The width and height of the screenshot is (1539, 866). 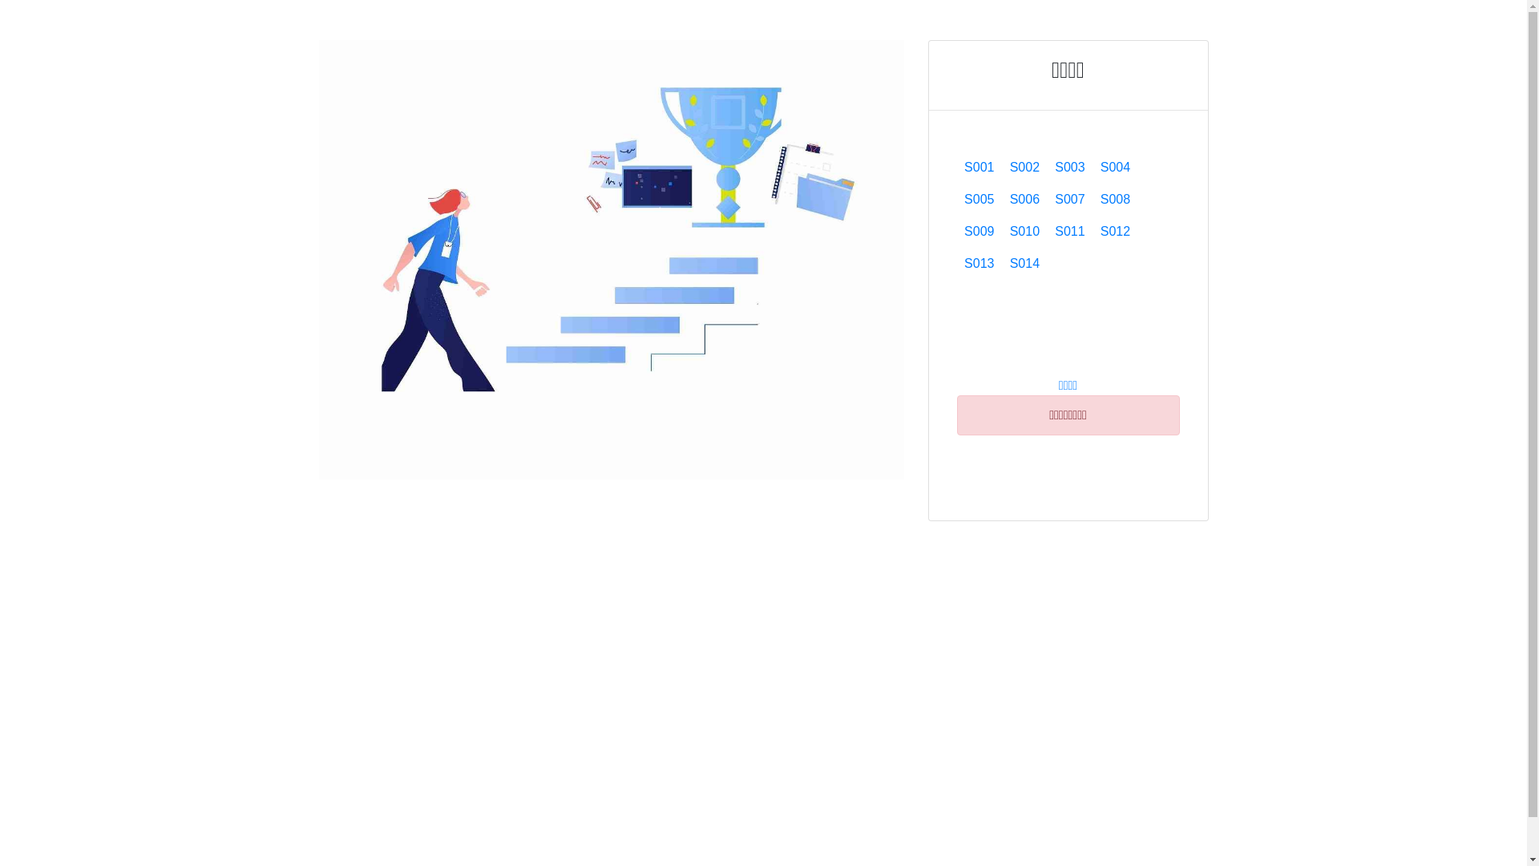 I want to click on 'S002', so click(x=1024, y=167).